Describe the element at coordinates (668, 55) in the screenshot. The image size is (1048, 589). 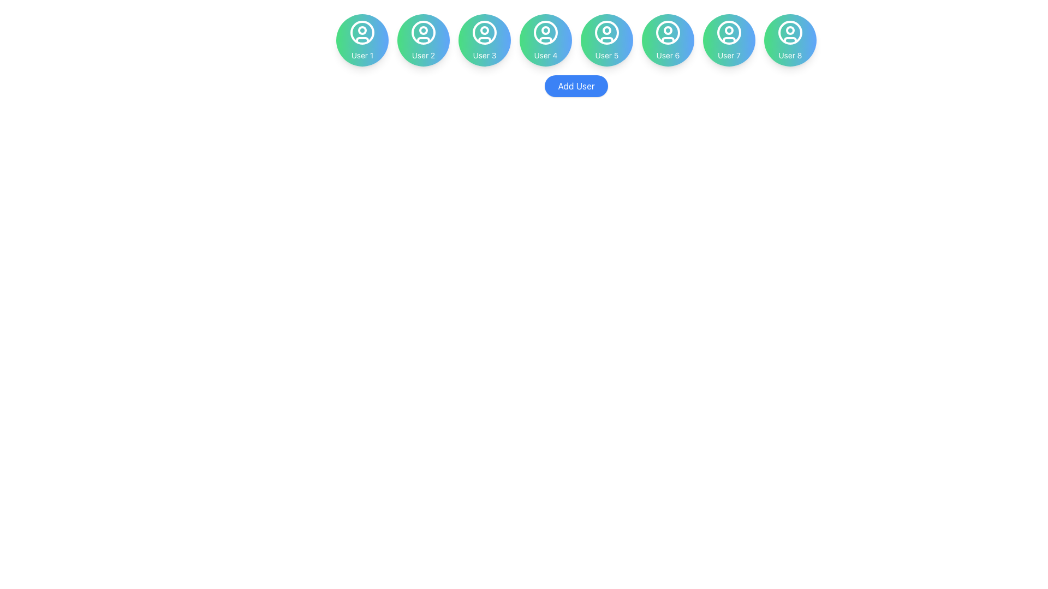
I see `text 'User 6' located beneath the sixth circular button with a gradient background in the row of user buttons` at that location.